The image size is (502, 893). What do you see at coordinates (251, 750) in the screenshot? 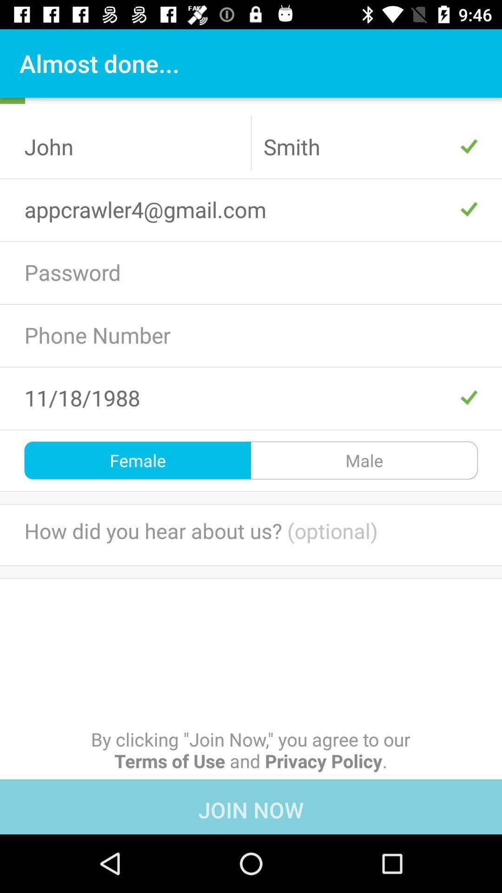
I see `the text above to join now` at bounding box center [251, 750].